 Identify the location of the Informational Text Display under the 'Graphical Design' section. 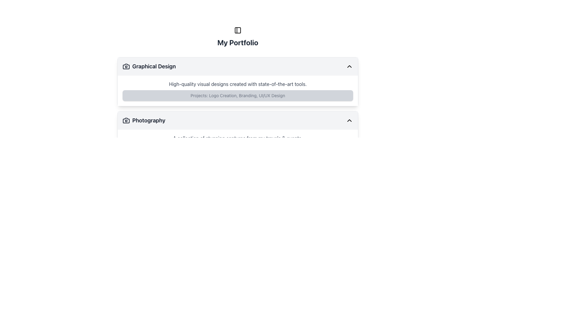
(238, 96).